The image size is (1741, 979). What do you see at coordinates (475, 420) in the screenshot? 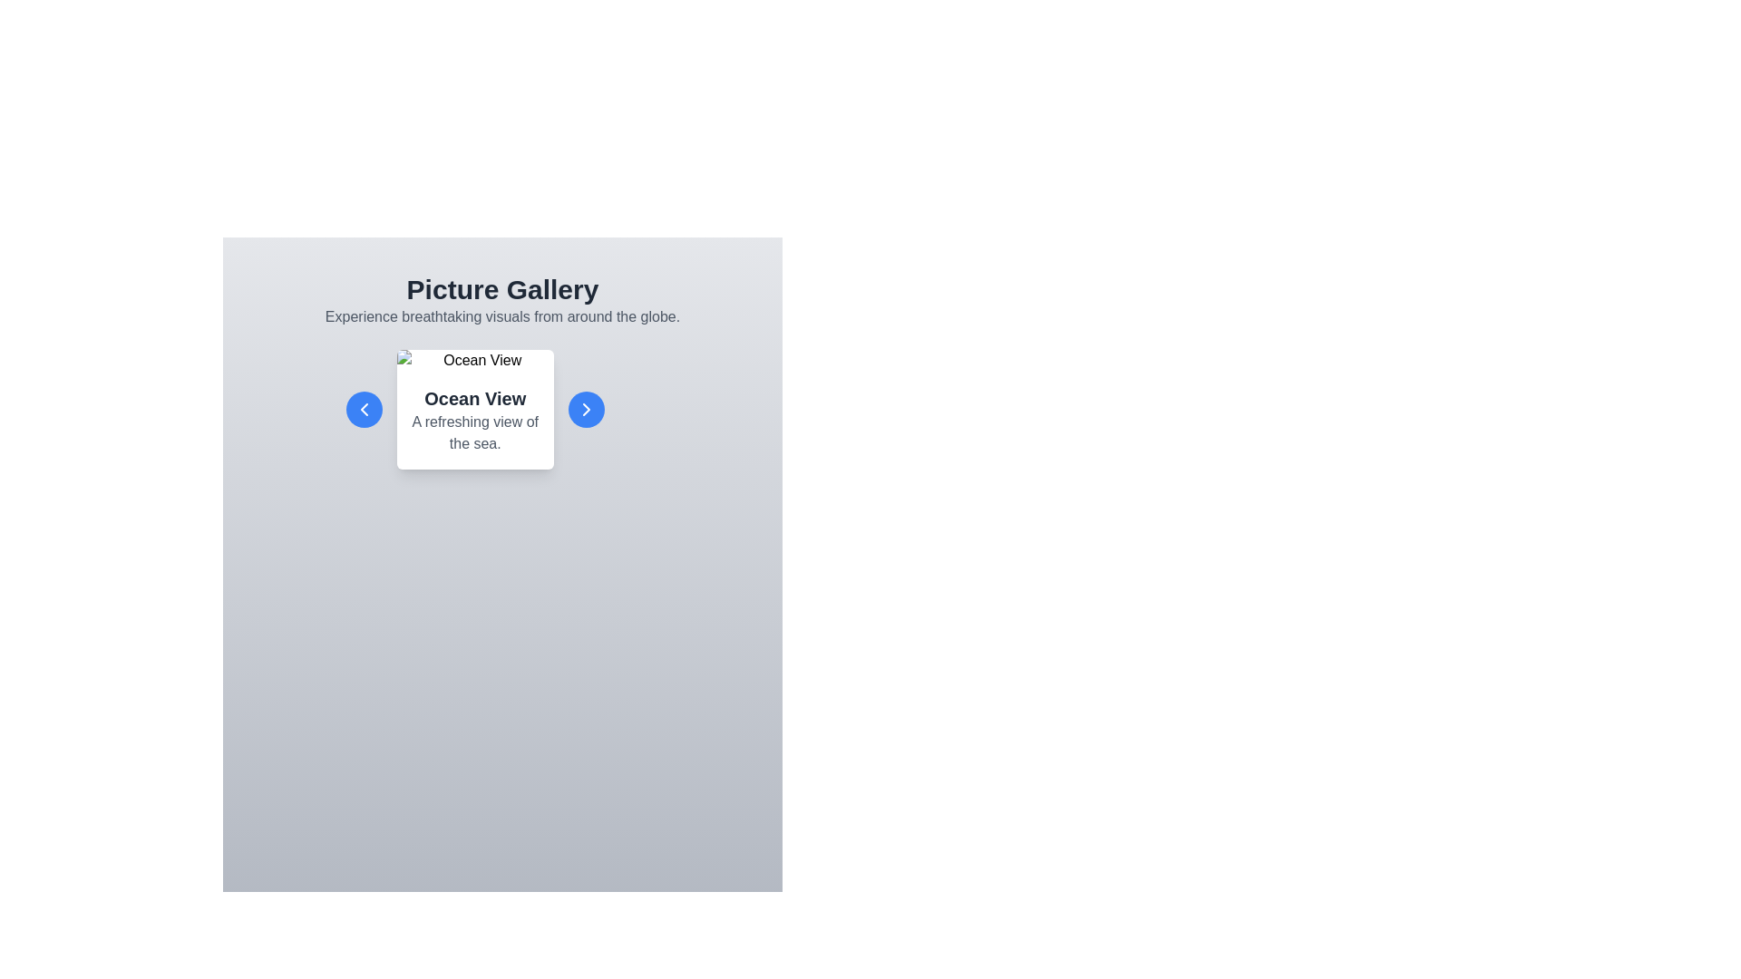
I see `the descriptive label element for 'Ocean View', which provides a subtitle about the refreshing view of the sea, located within the card in the center of the gallery interface` at bounding box center [475, 420].